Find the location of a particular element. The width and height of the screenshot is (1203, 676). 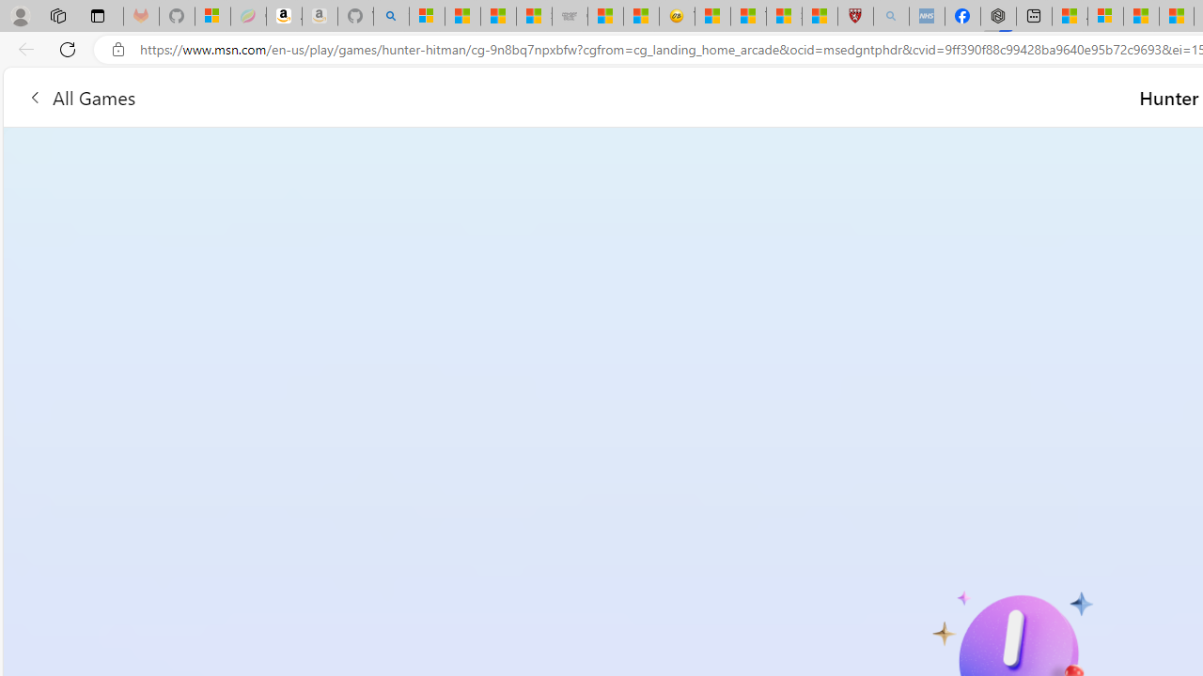

'Robert H. Shmerling, MD - Harvard Health' is located at coordinates (854, 16).